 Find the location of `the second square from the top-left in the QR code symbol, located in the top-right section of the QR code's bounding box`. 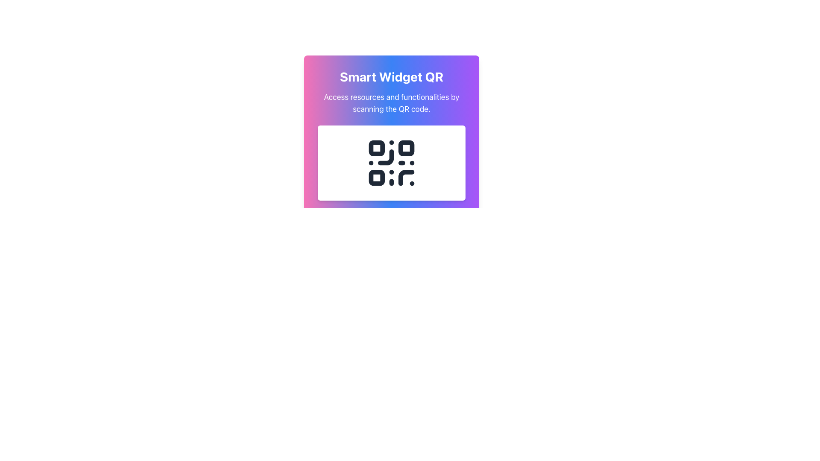

the second square from the top-left in the QR code symbol, located in the top-right section of the QR code's bounding box is located at coordinates (406, 148).